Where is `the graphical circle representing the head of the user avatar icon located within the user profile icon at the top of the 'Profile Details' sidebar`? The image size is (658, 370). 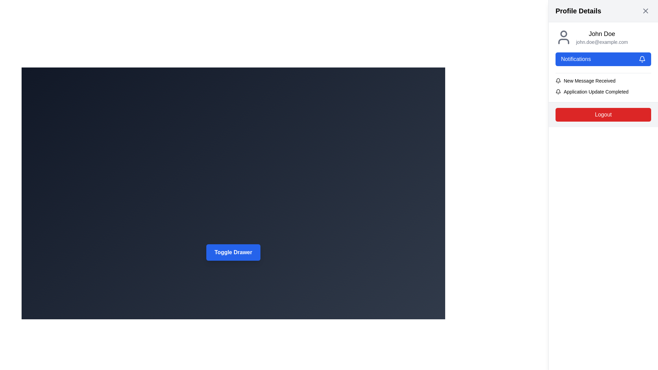
the graphical circle representing the head of the user avatar icon located within the user profile icon at the top of the 'Profile Details' sidebar is located at coordinates (564, 34).